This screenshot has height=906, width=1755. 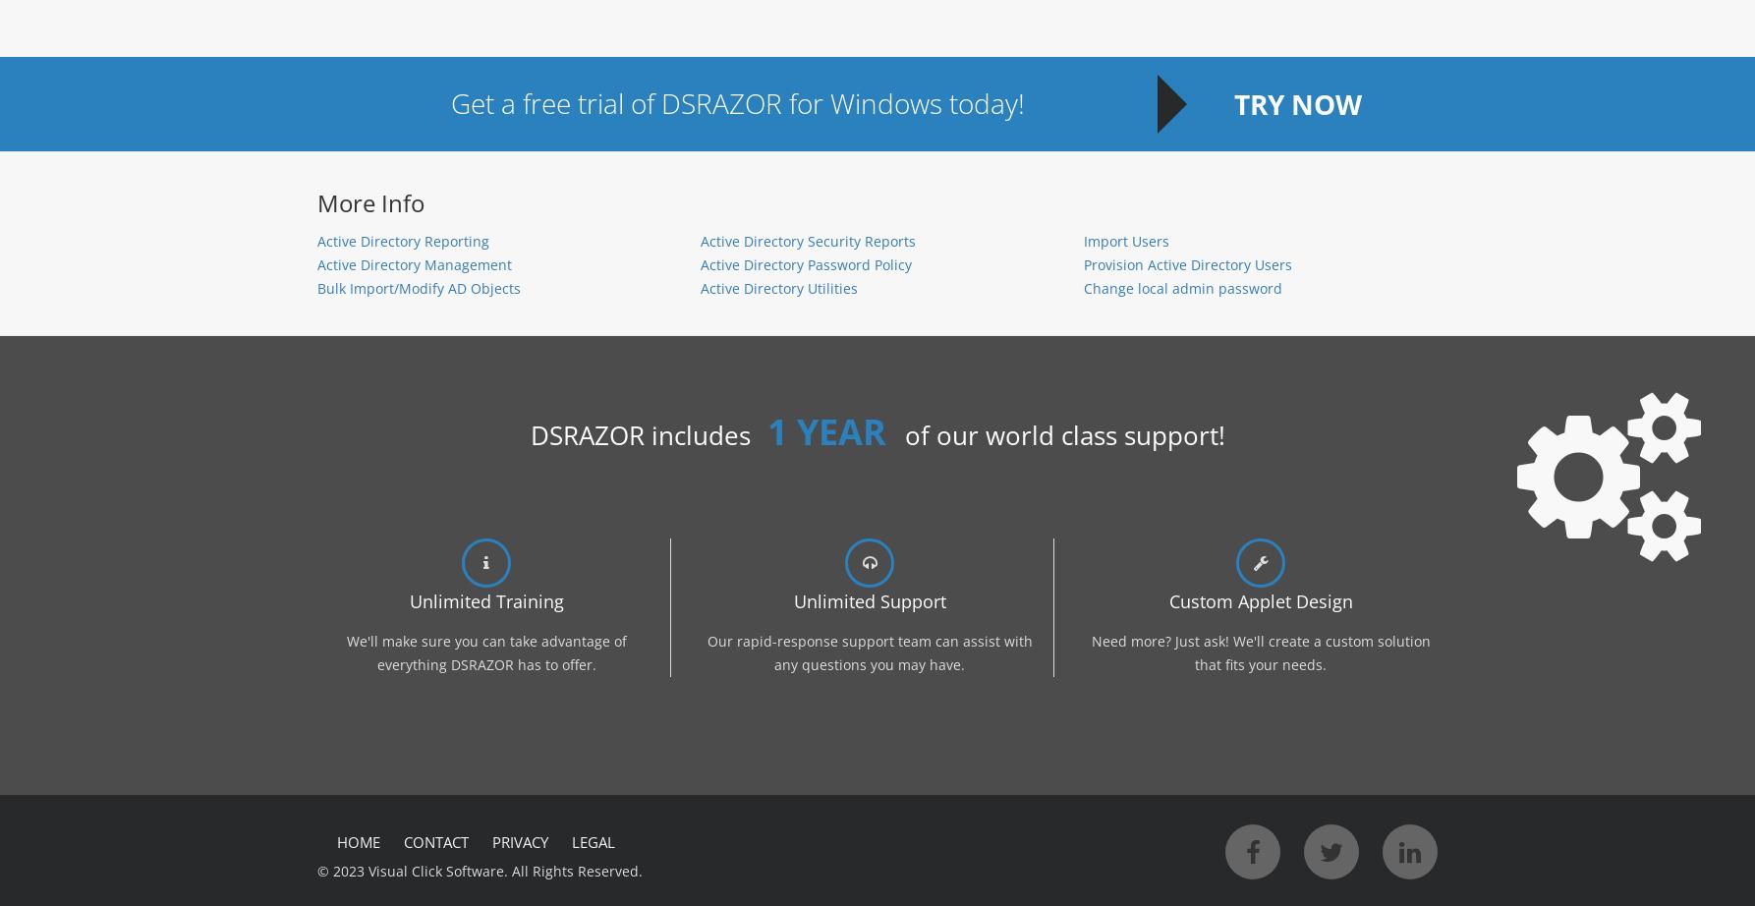 What do you see at coordinates (403, 240) in the screenshot?
I see `'Active Directory Reporting'` at bounding box center [403, 240].